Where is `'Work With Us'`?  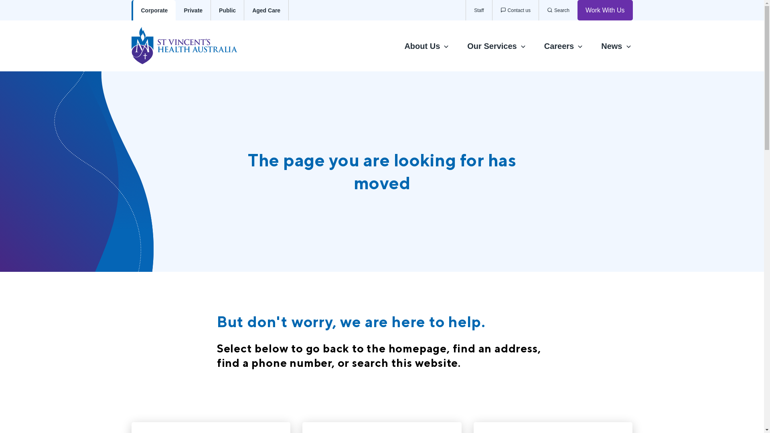 'Work With Us' is located at coordinates (605, 10).